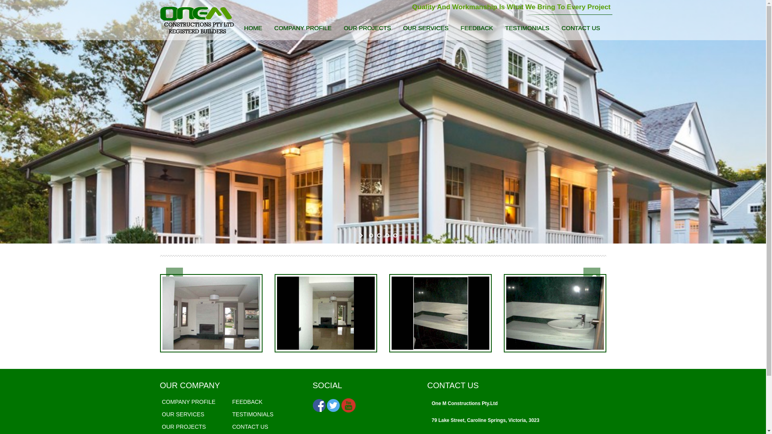 This screenshot has height=434, width=772. What do you see at coordinates (425, 29) in the screenshot?
I see `'OUR SERVICES'` at bounding box center [425, 29].